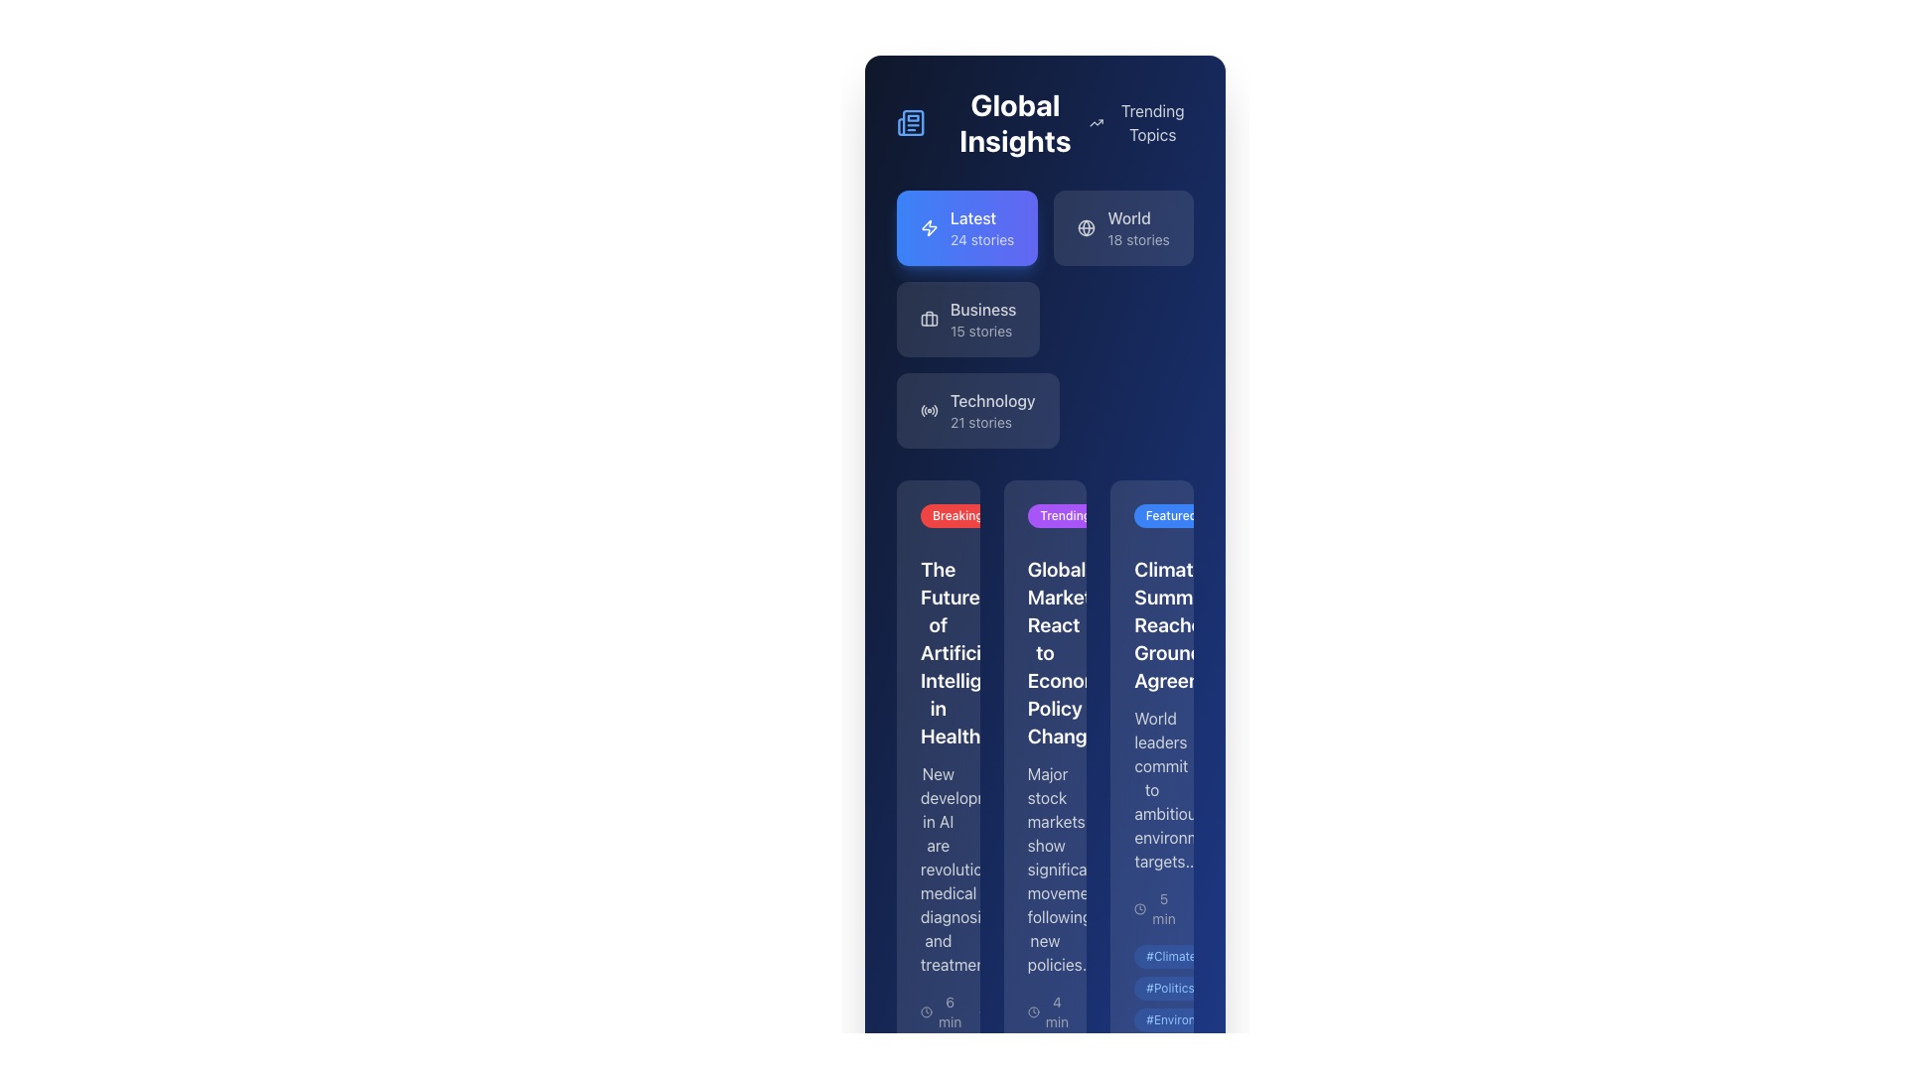 The width and height of the screenshot is (1907, 1072). Describe the element at coordinates (1048, 1011) in the screenshot. I see `the surrounding area of the text label displaying '4 min' with a clock icon, located at the bottom of the second card in a vertical array of cards` at that location.